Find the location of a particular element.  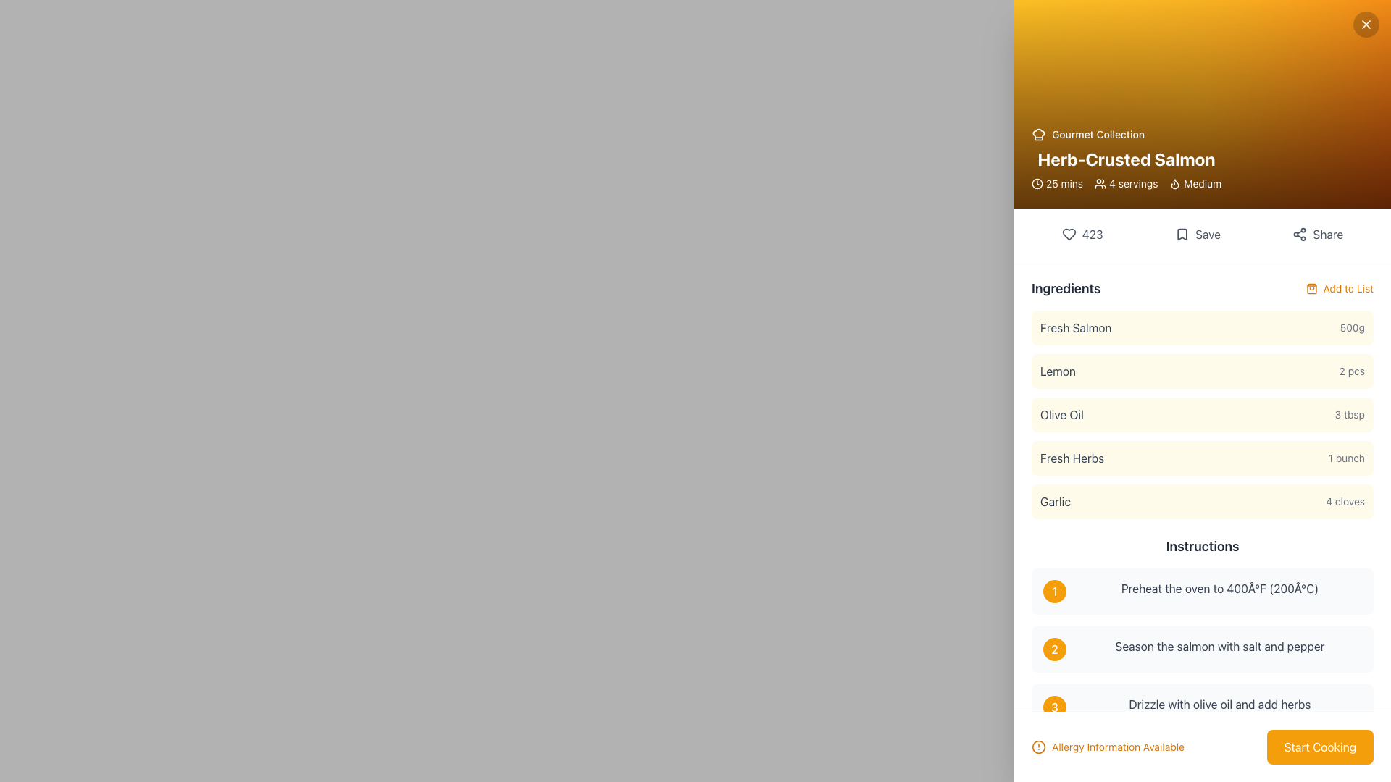

the static text label displaying the weight of 'Fresh Salmon' as '500g', which is located to the right of the 'Fresh Salmon' label in the 'Ingredients' section is located at coordinates (1351, 327).